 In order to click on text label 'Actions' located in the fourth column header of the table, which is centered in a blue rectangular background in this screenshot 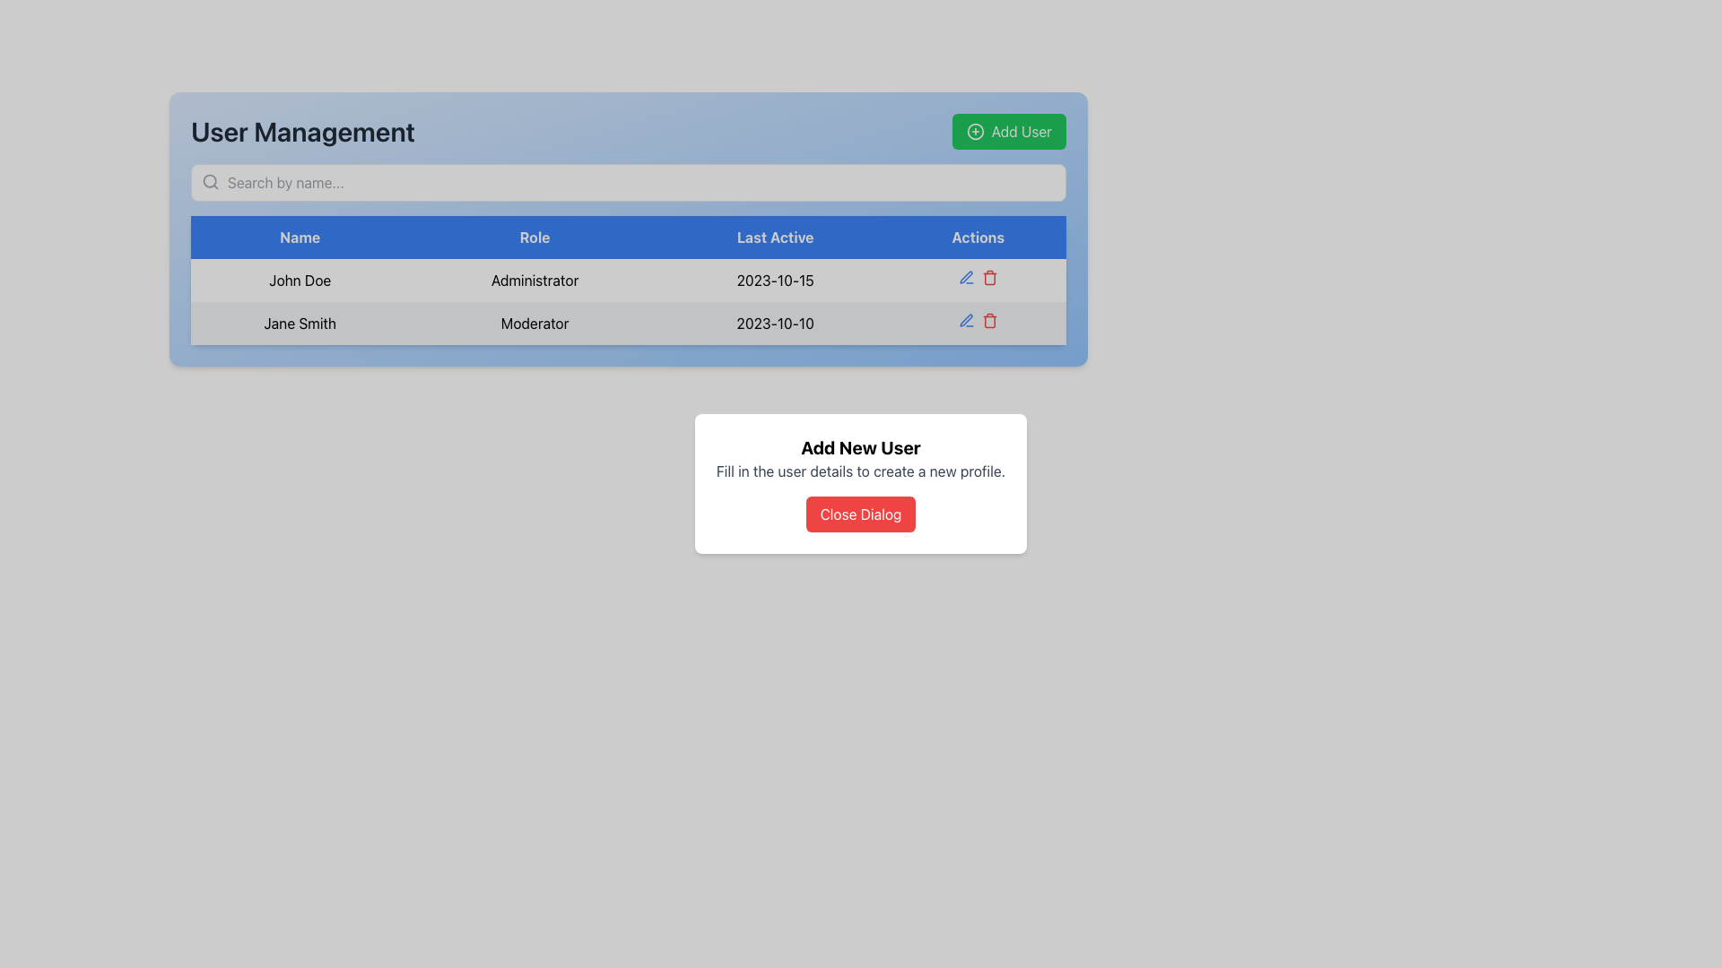, I will do `click(977, 237)`.